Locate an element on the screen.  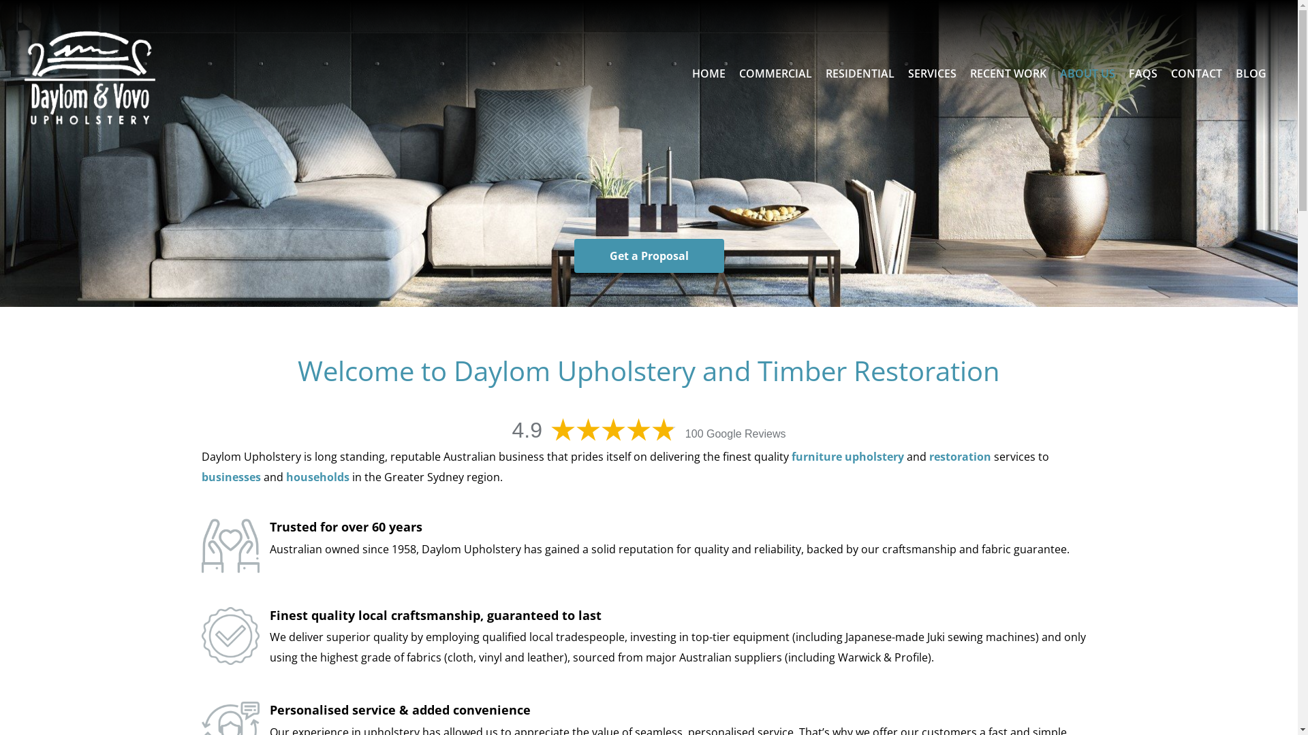
'ABOUT US' is located at coordinates (1087, 73).